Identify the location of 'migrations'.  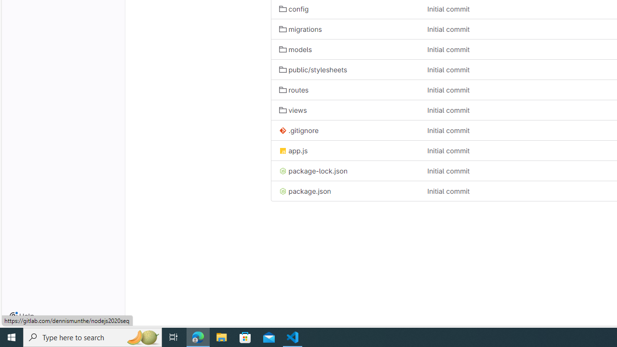
(300, 28).